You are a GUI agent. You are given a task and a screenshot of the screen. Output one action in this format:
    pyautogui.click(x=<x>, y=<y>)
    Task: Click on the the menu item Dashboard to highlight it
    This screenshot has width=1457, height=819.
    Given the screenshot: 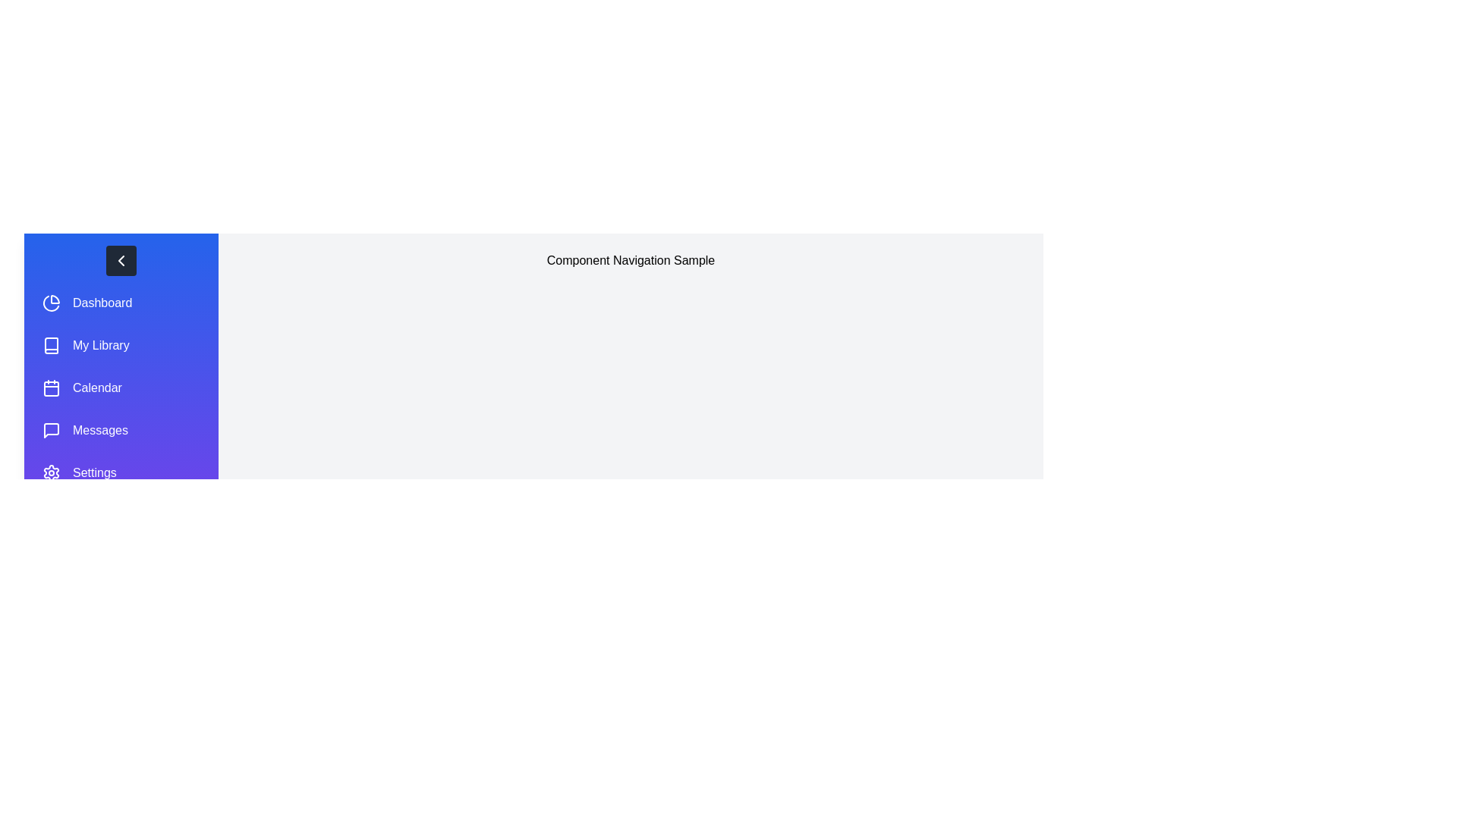 What is the action you would take?
    pyautogui.click(x=120, y=303)
    